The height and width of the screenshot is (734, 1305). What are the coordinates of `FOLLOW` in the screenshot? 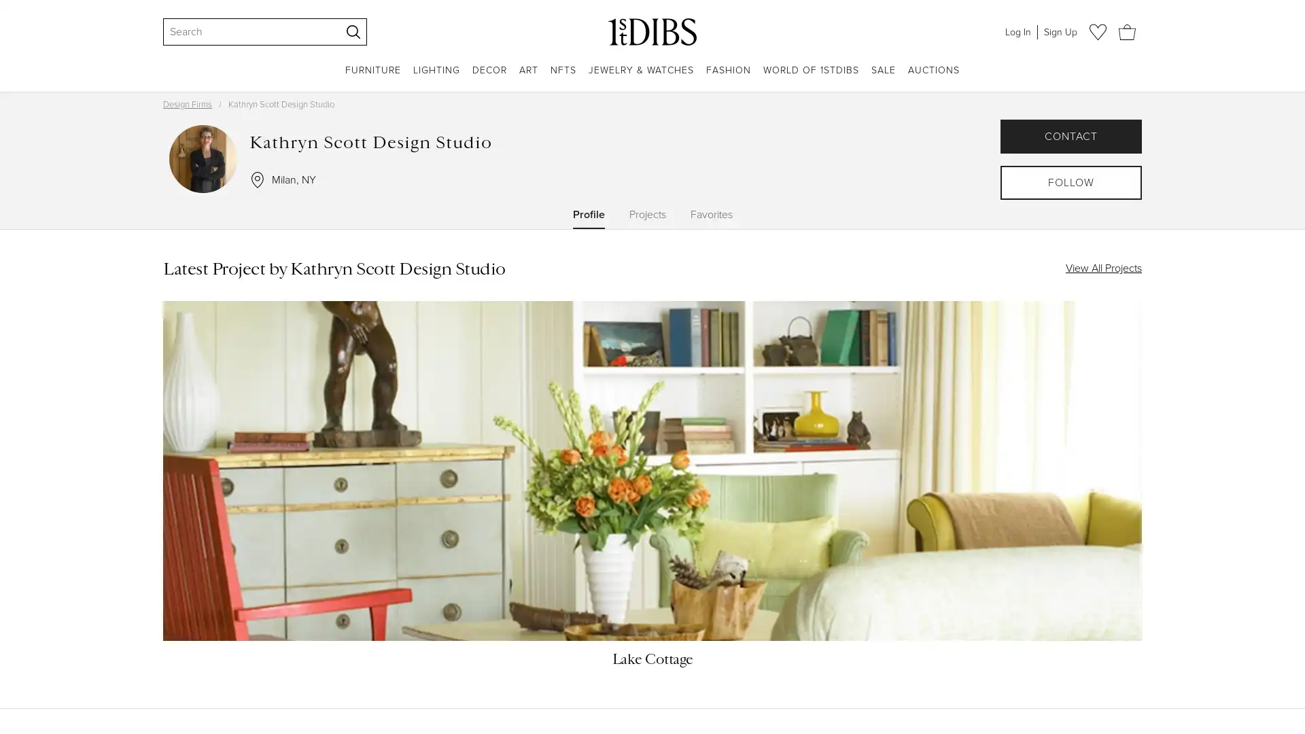 It's located at (1070, 181).